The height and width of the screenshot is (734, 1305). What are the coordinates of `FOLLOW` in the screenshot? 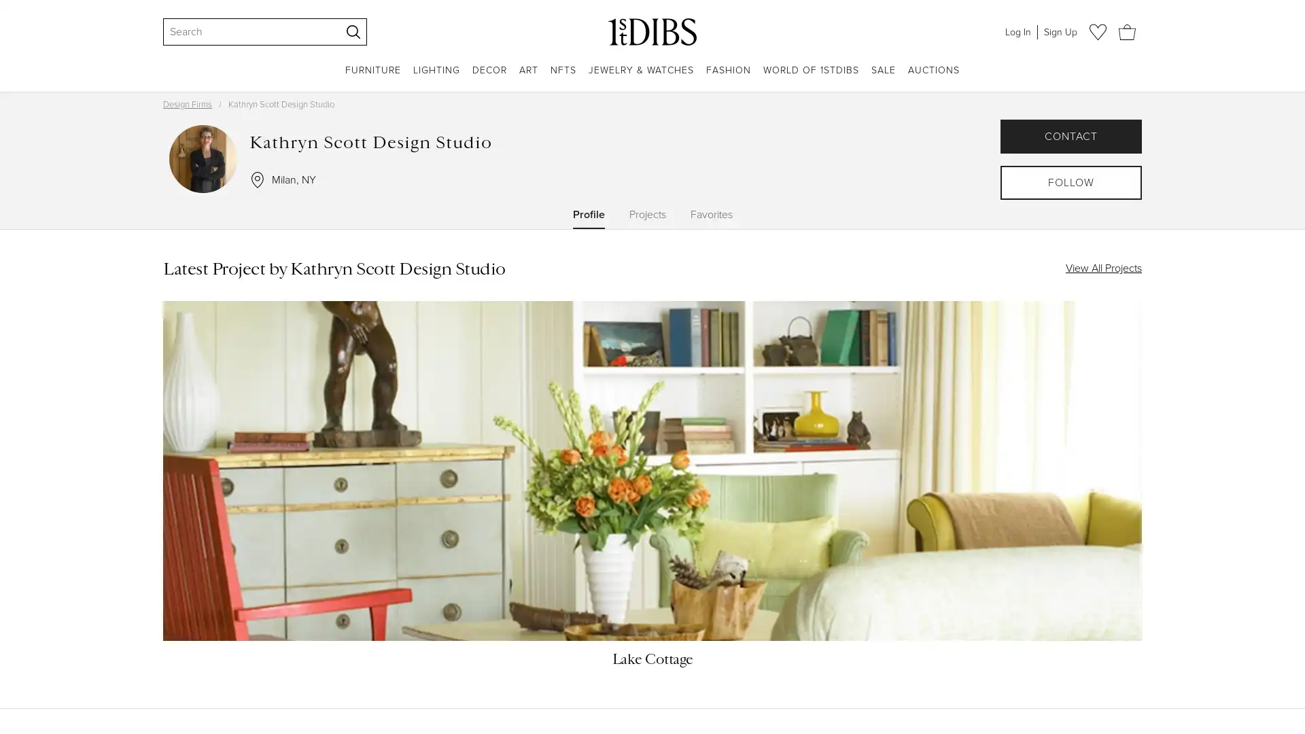 It's located at (1070, 181).